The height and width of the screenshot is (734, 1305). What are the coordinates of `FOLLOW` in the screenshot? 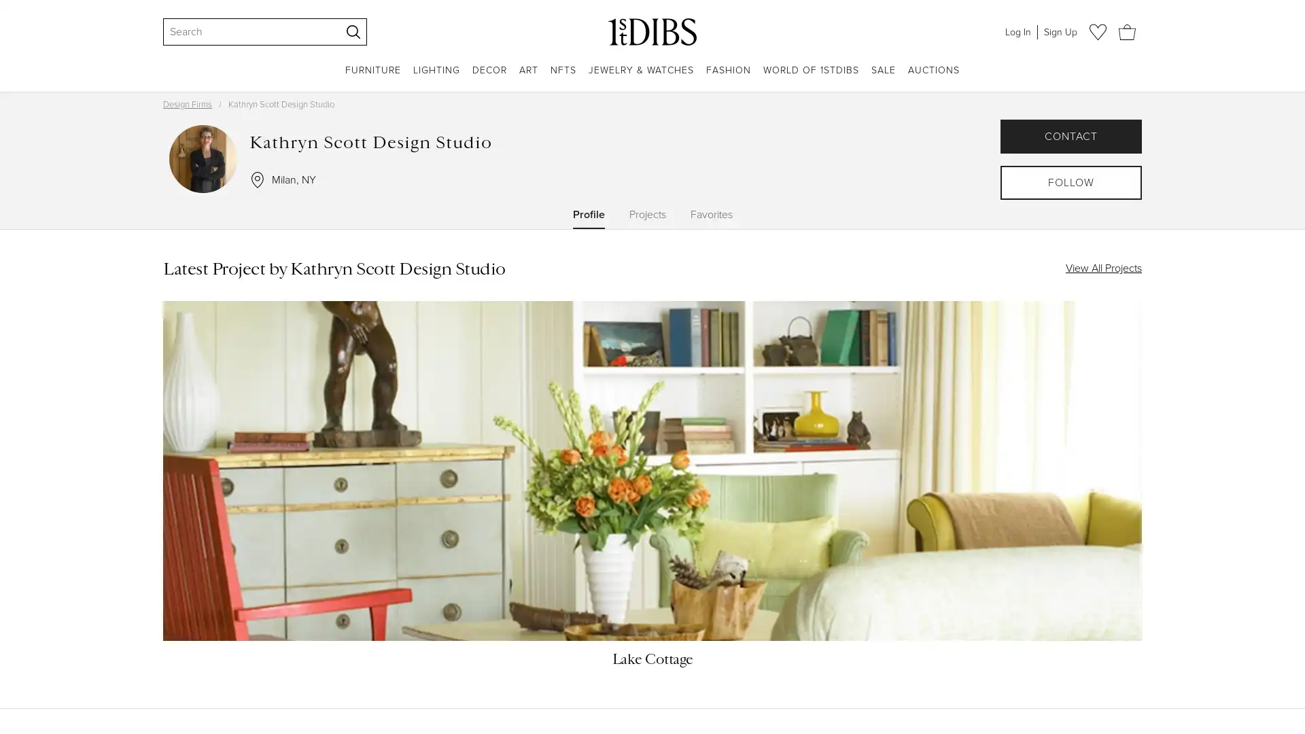 It's located at (1070, 181).